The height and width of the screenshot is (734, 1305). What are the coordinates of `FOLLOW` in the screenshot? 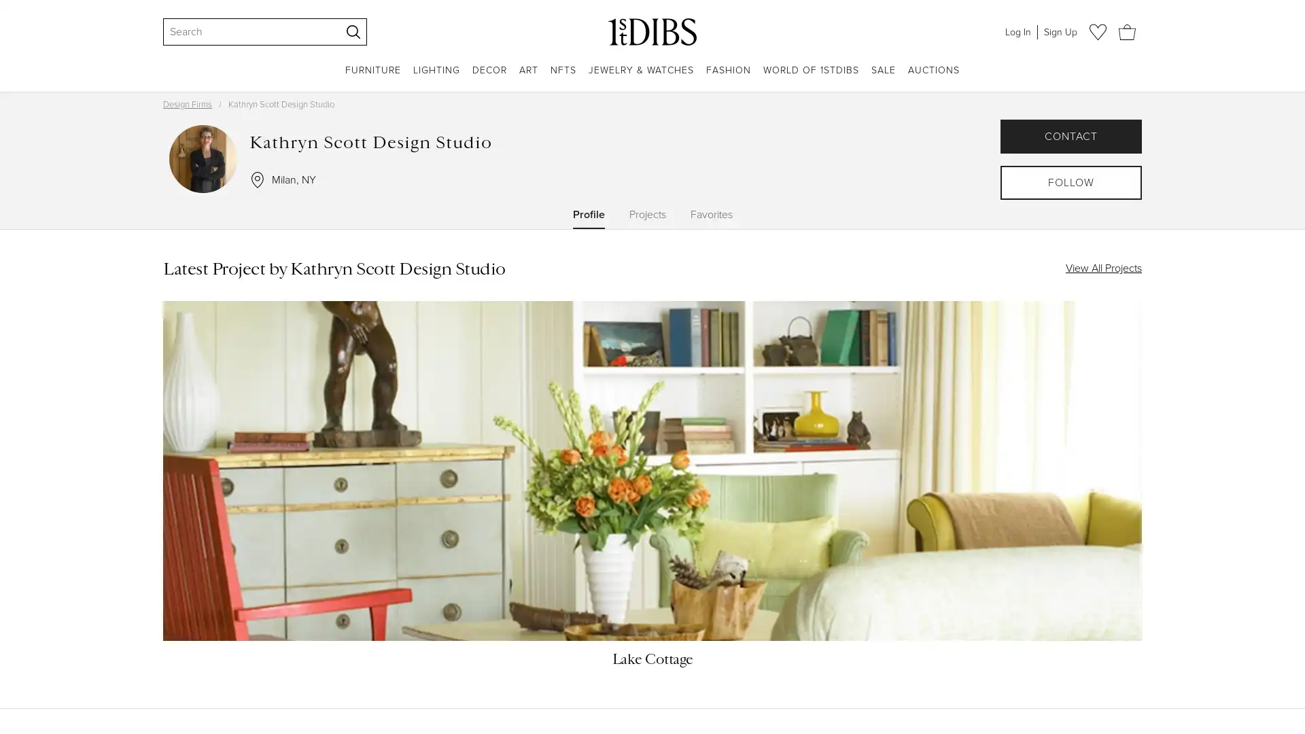 It's located at (1070, 181).